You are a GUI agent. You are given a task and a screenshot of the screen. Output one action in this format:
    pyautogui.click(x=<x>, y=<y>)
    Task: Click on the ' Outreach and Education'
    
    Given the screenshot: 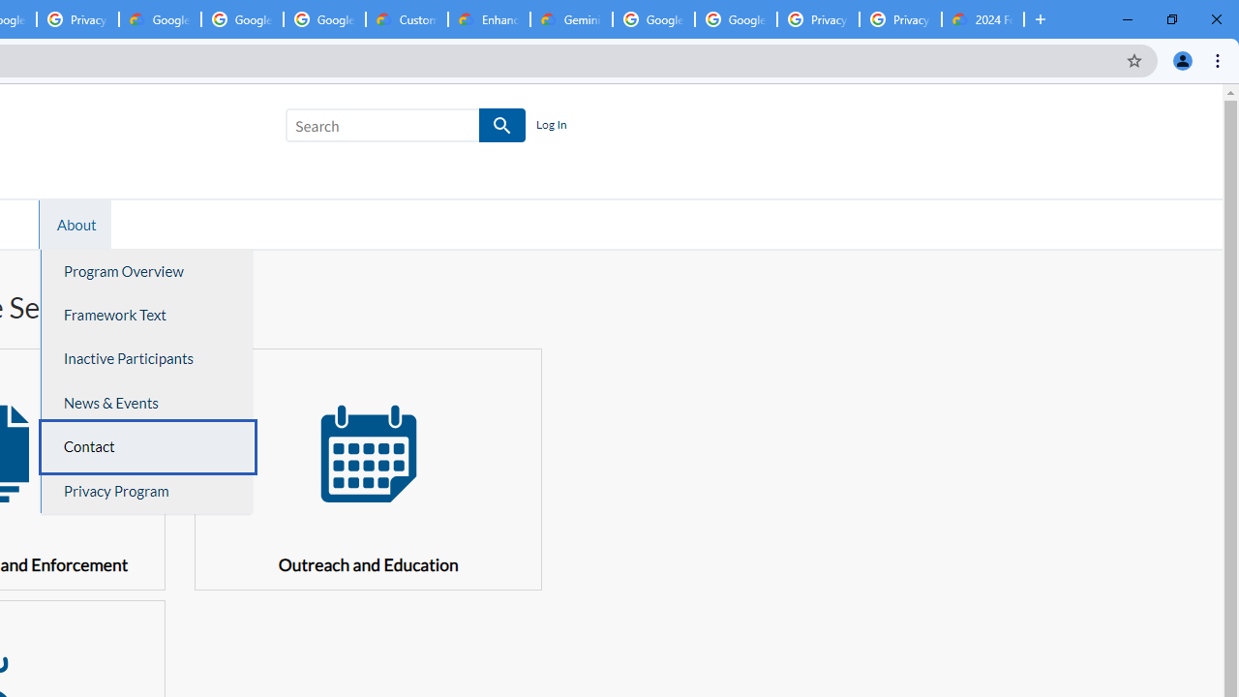 What is the action you would take?
    pyautogui.click(x=368, y=469)
    